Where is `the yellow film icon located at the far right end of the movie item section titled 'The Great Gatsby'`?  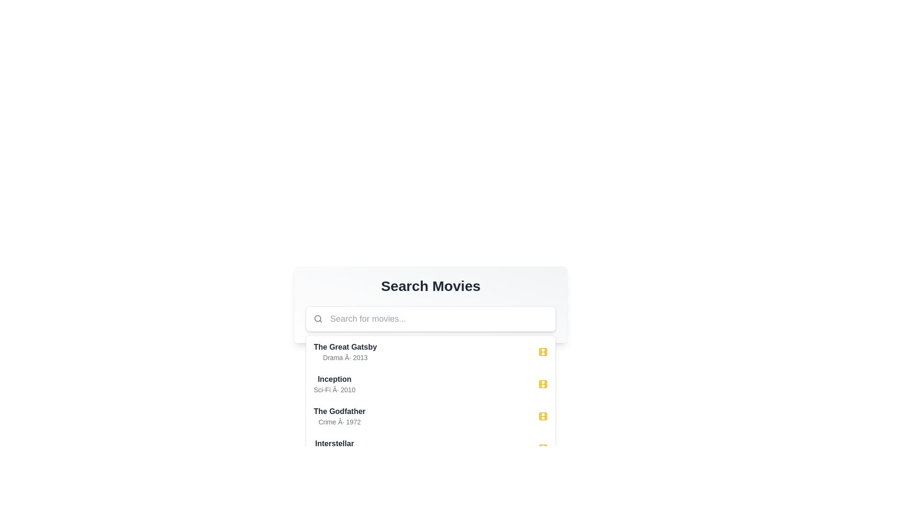 the yellow film icon located at the far right end of the movie item section titled 'The Great Gatsby' is located at coordinates (543, 352).